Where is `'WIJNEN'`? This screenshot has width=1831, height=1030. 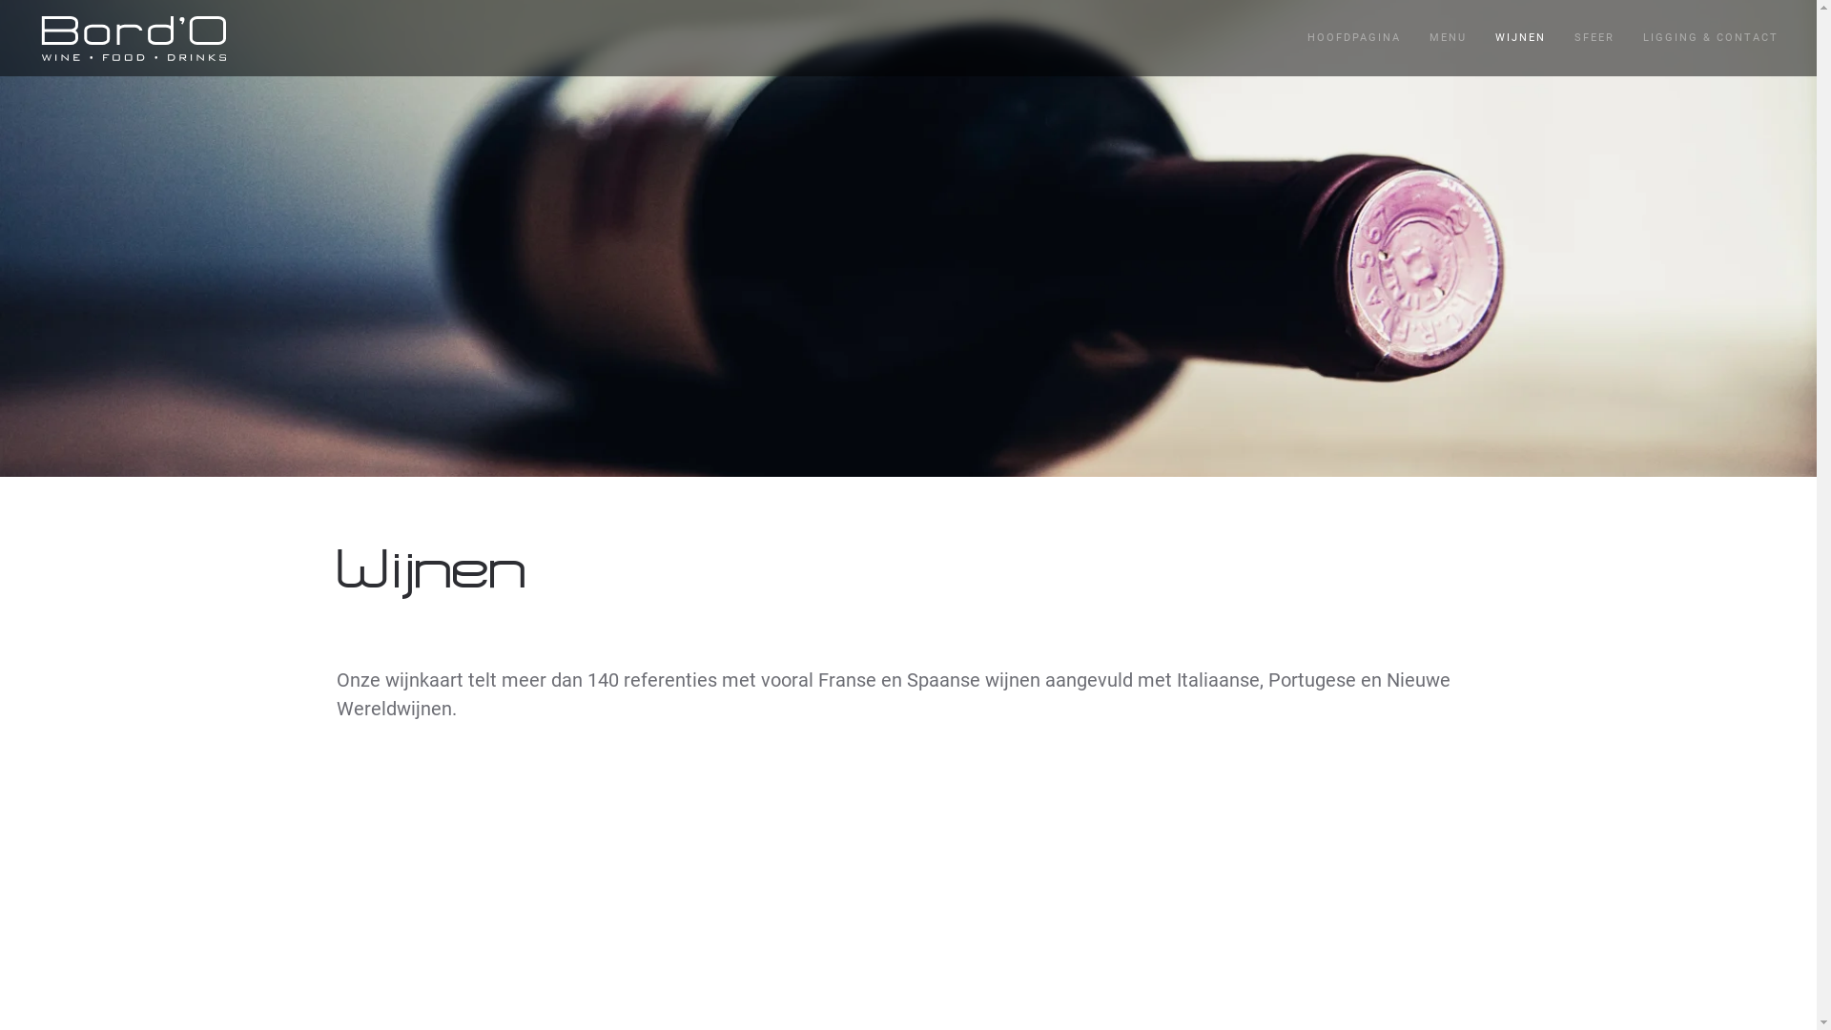 'WIJNEN' is located at coordinates (1519, 37).